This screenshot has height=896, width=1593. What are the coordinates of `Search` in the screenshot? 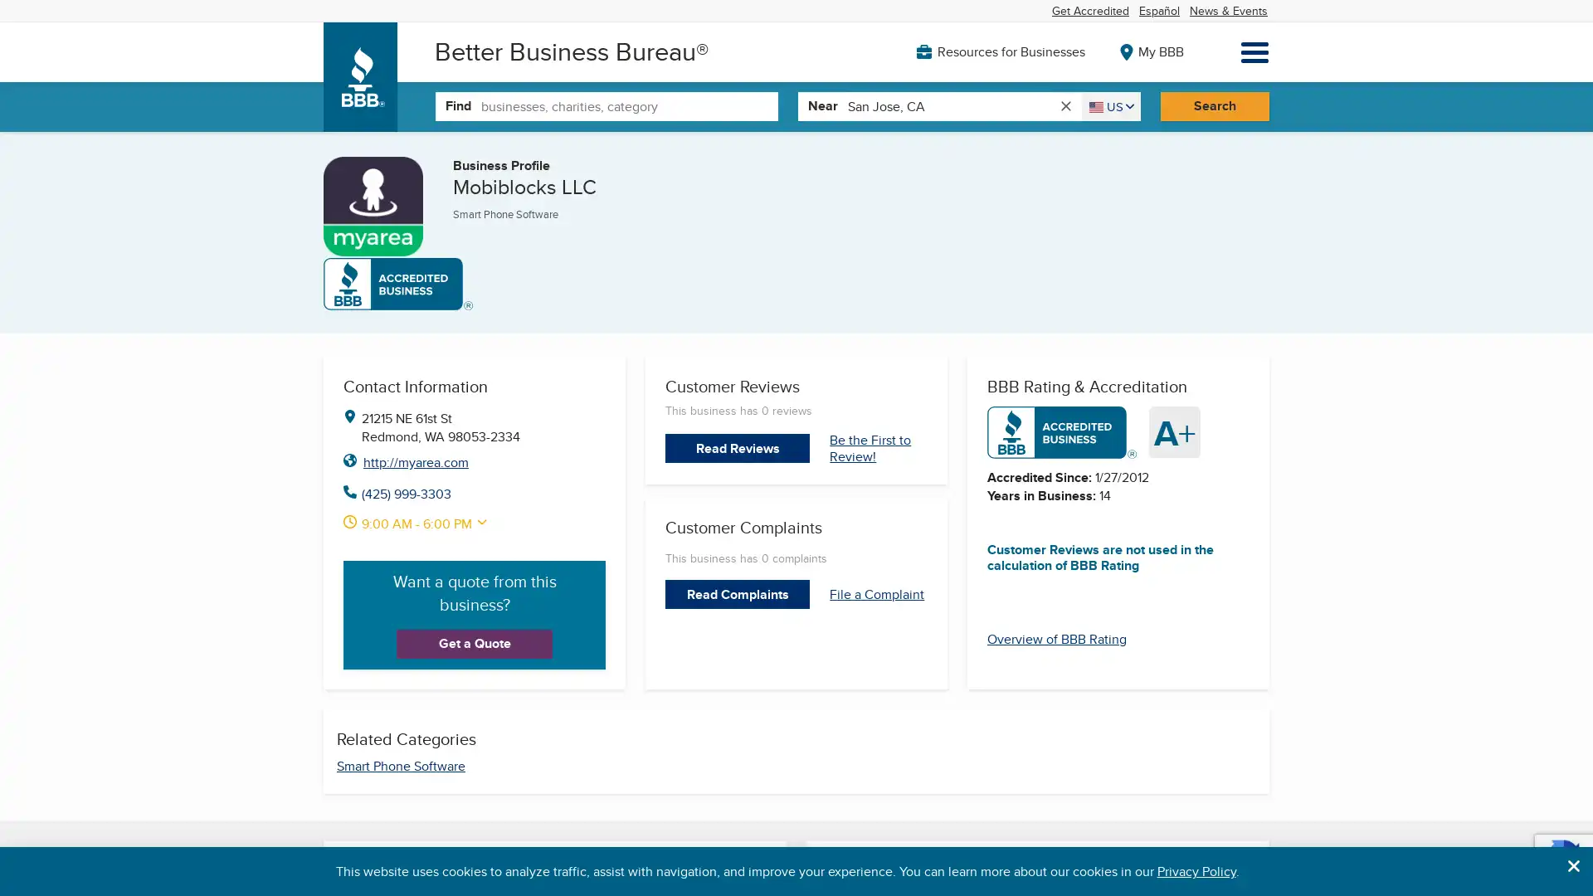 It's located at (1214, 105).